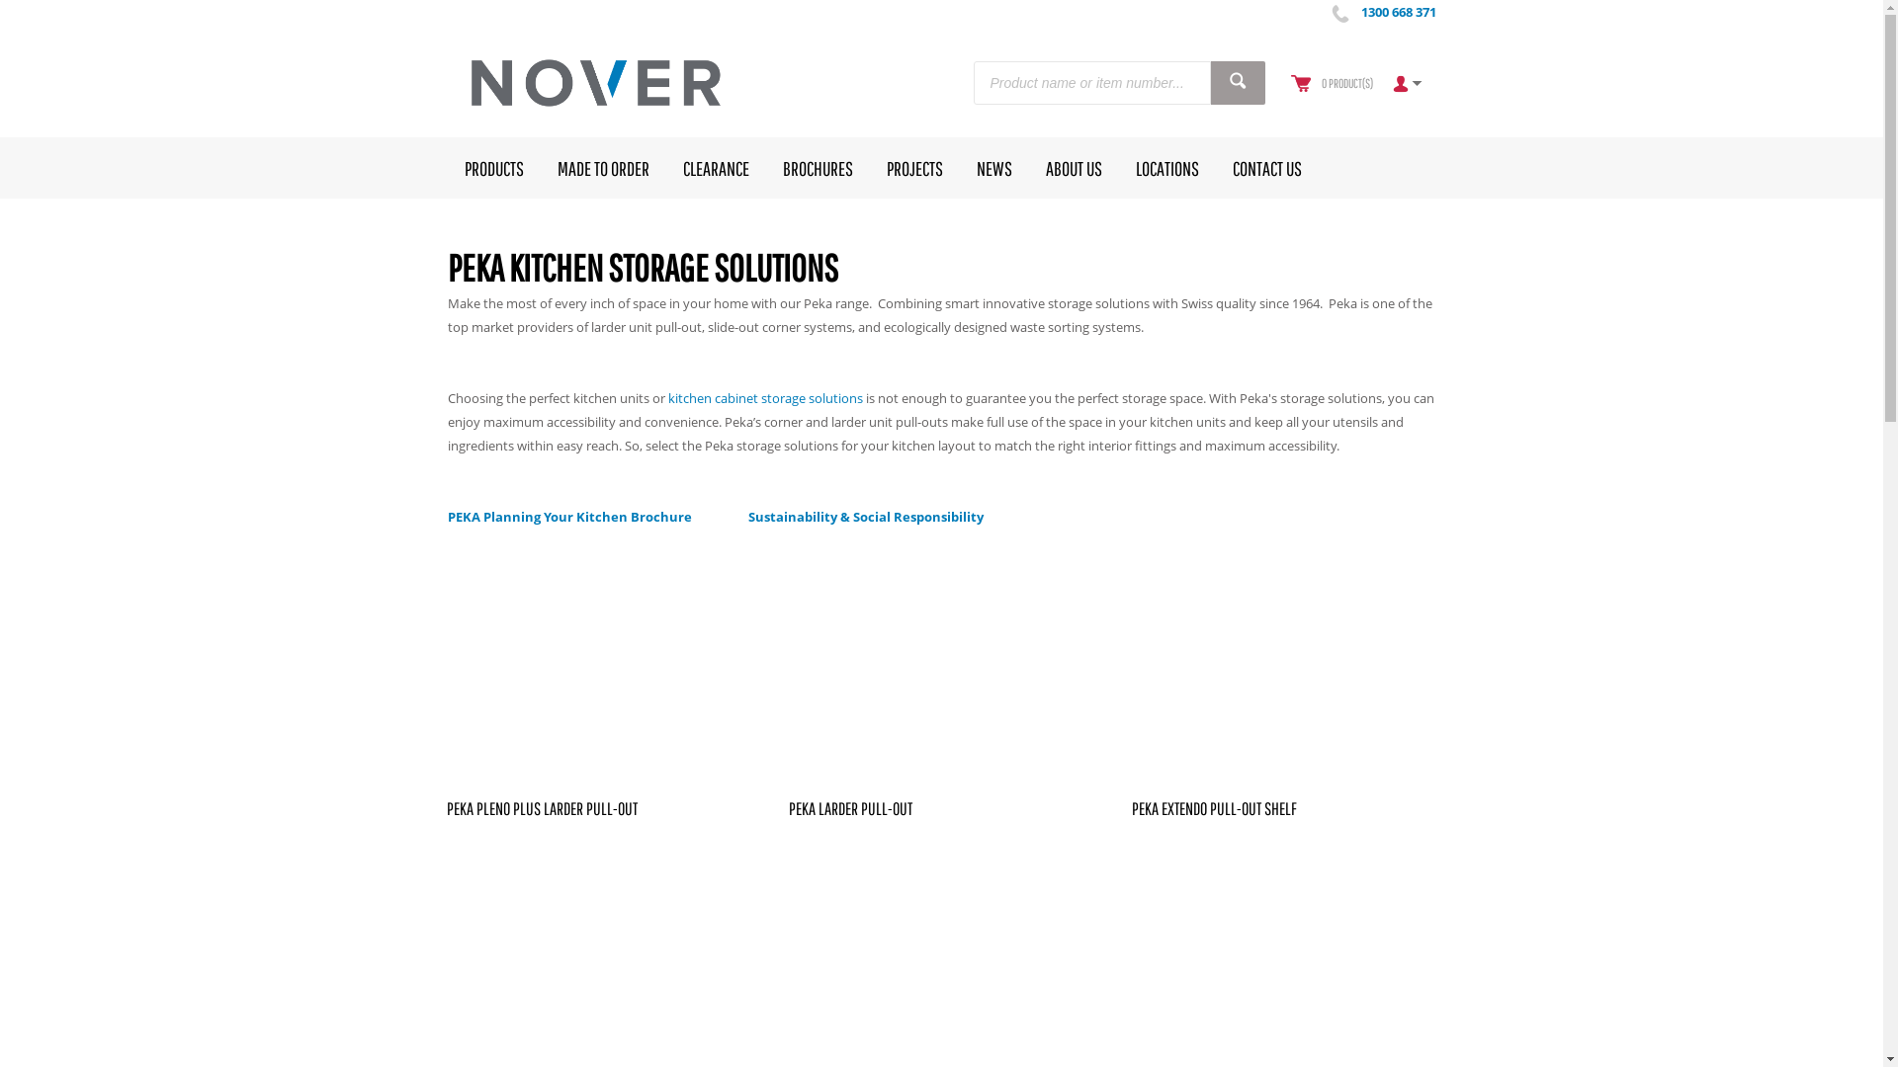 This screenshot has width=1898, height=1067. Describe the element at coordinates (1266, 166) in the screenshot. I see `'CONTACT US'` at that location.